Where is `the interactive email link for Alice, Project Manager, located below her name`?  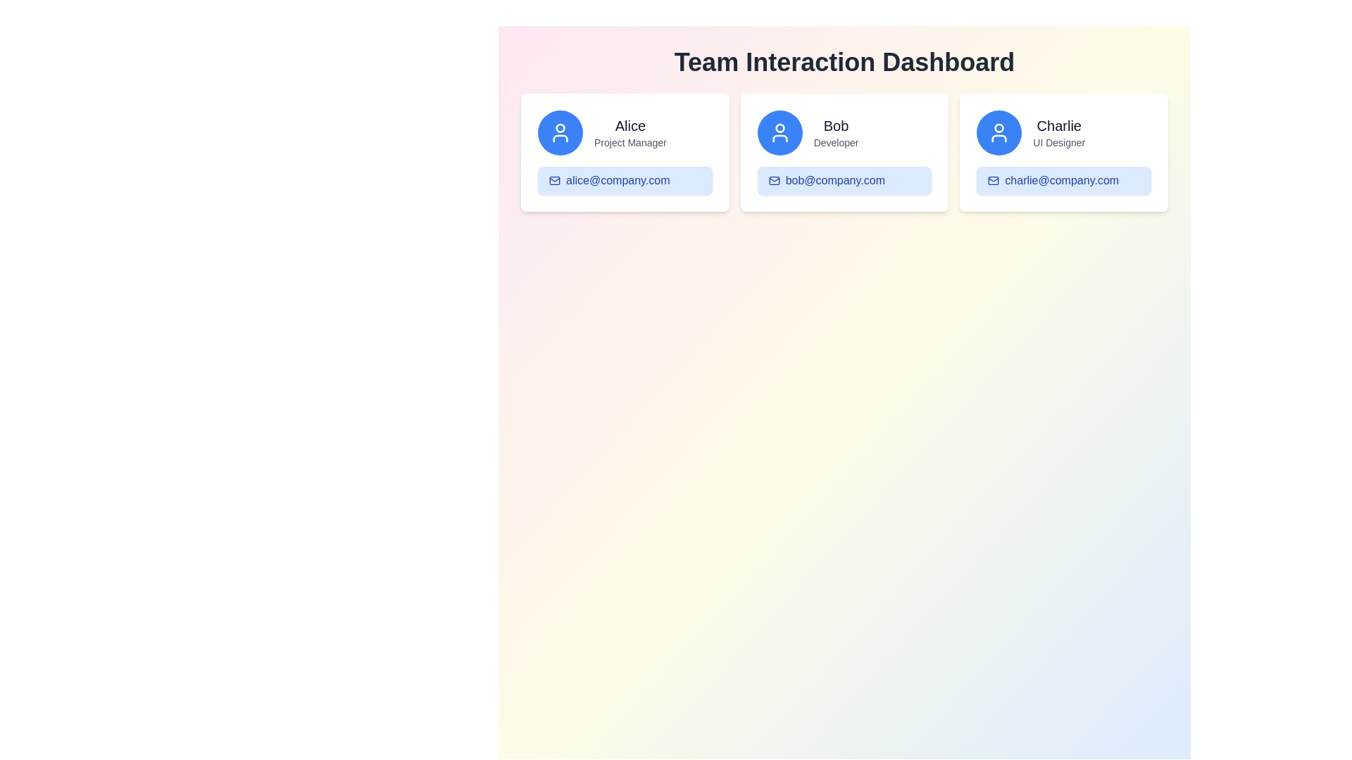 the interactive email link for Alice, Project Manager, located below her name is located at coordinates (624, 180).